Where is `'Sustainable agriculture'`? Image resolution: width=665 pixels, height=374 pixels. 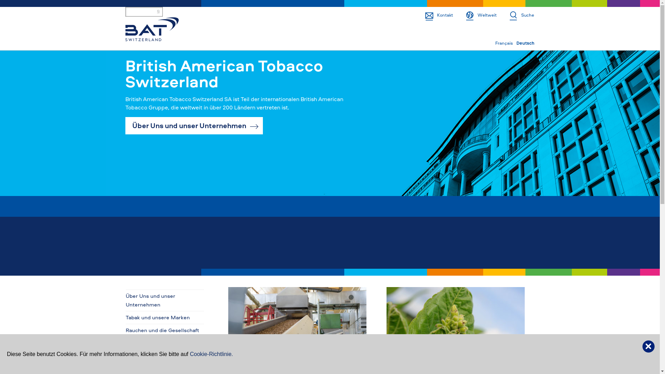
'Sustainable agriculture' is located at coordinates (455, 332).